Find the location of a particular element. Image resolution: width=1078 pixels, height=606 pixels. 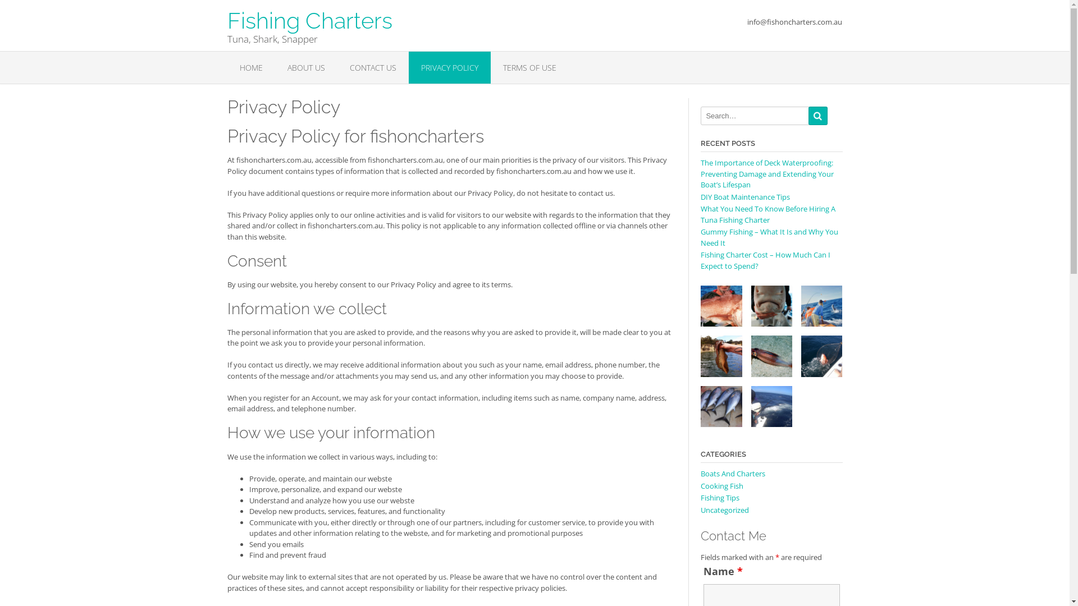

'Boats And Charters' is located at coordinates (733, 474).